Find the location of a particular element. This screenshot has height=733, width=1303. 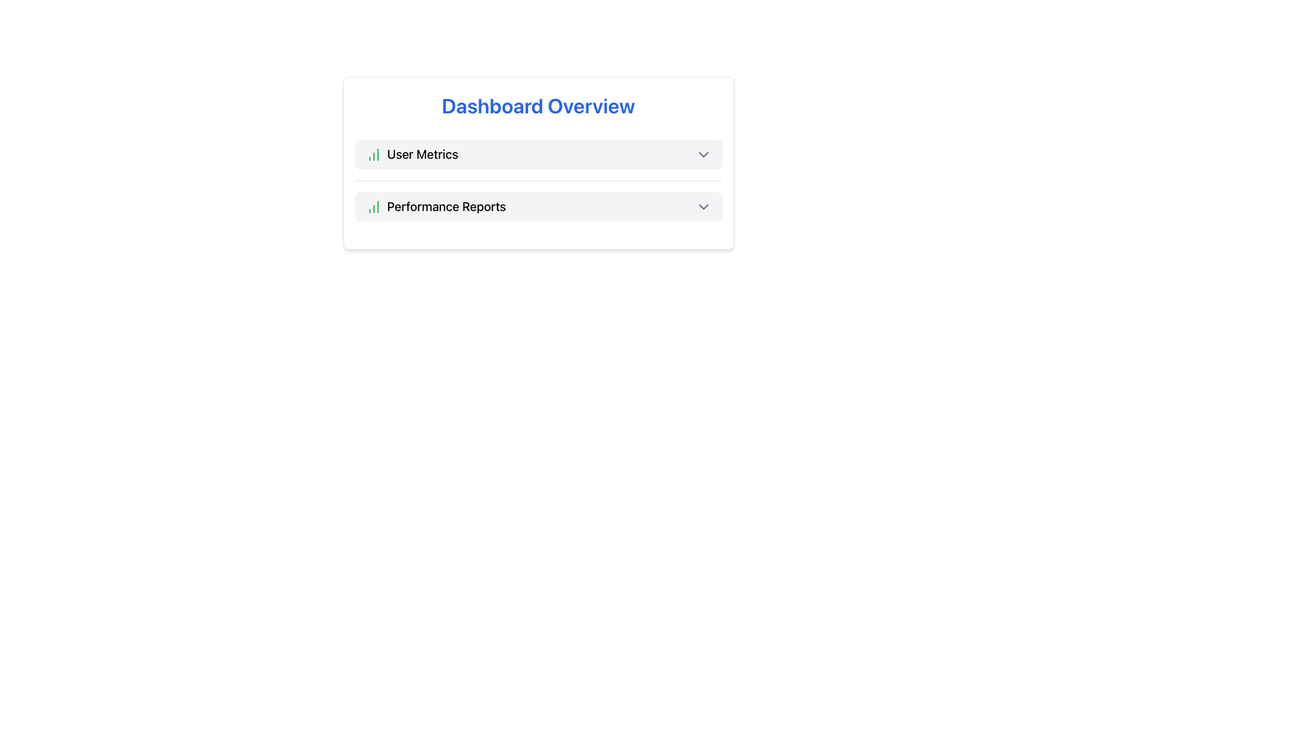

text displayed in the 'User Metrics' label, which is a dark text on a light background, located in the Dashboard Overview section is located at coordinates (421, 153).